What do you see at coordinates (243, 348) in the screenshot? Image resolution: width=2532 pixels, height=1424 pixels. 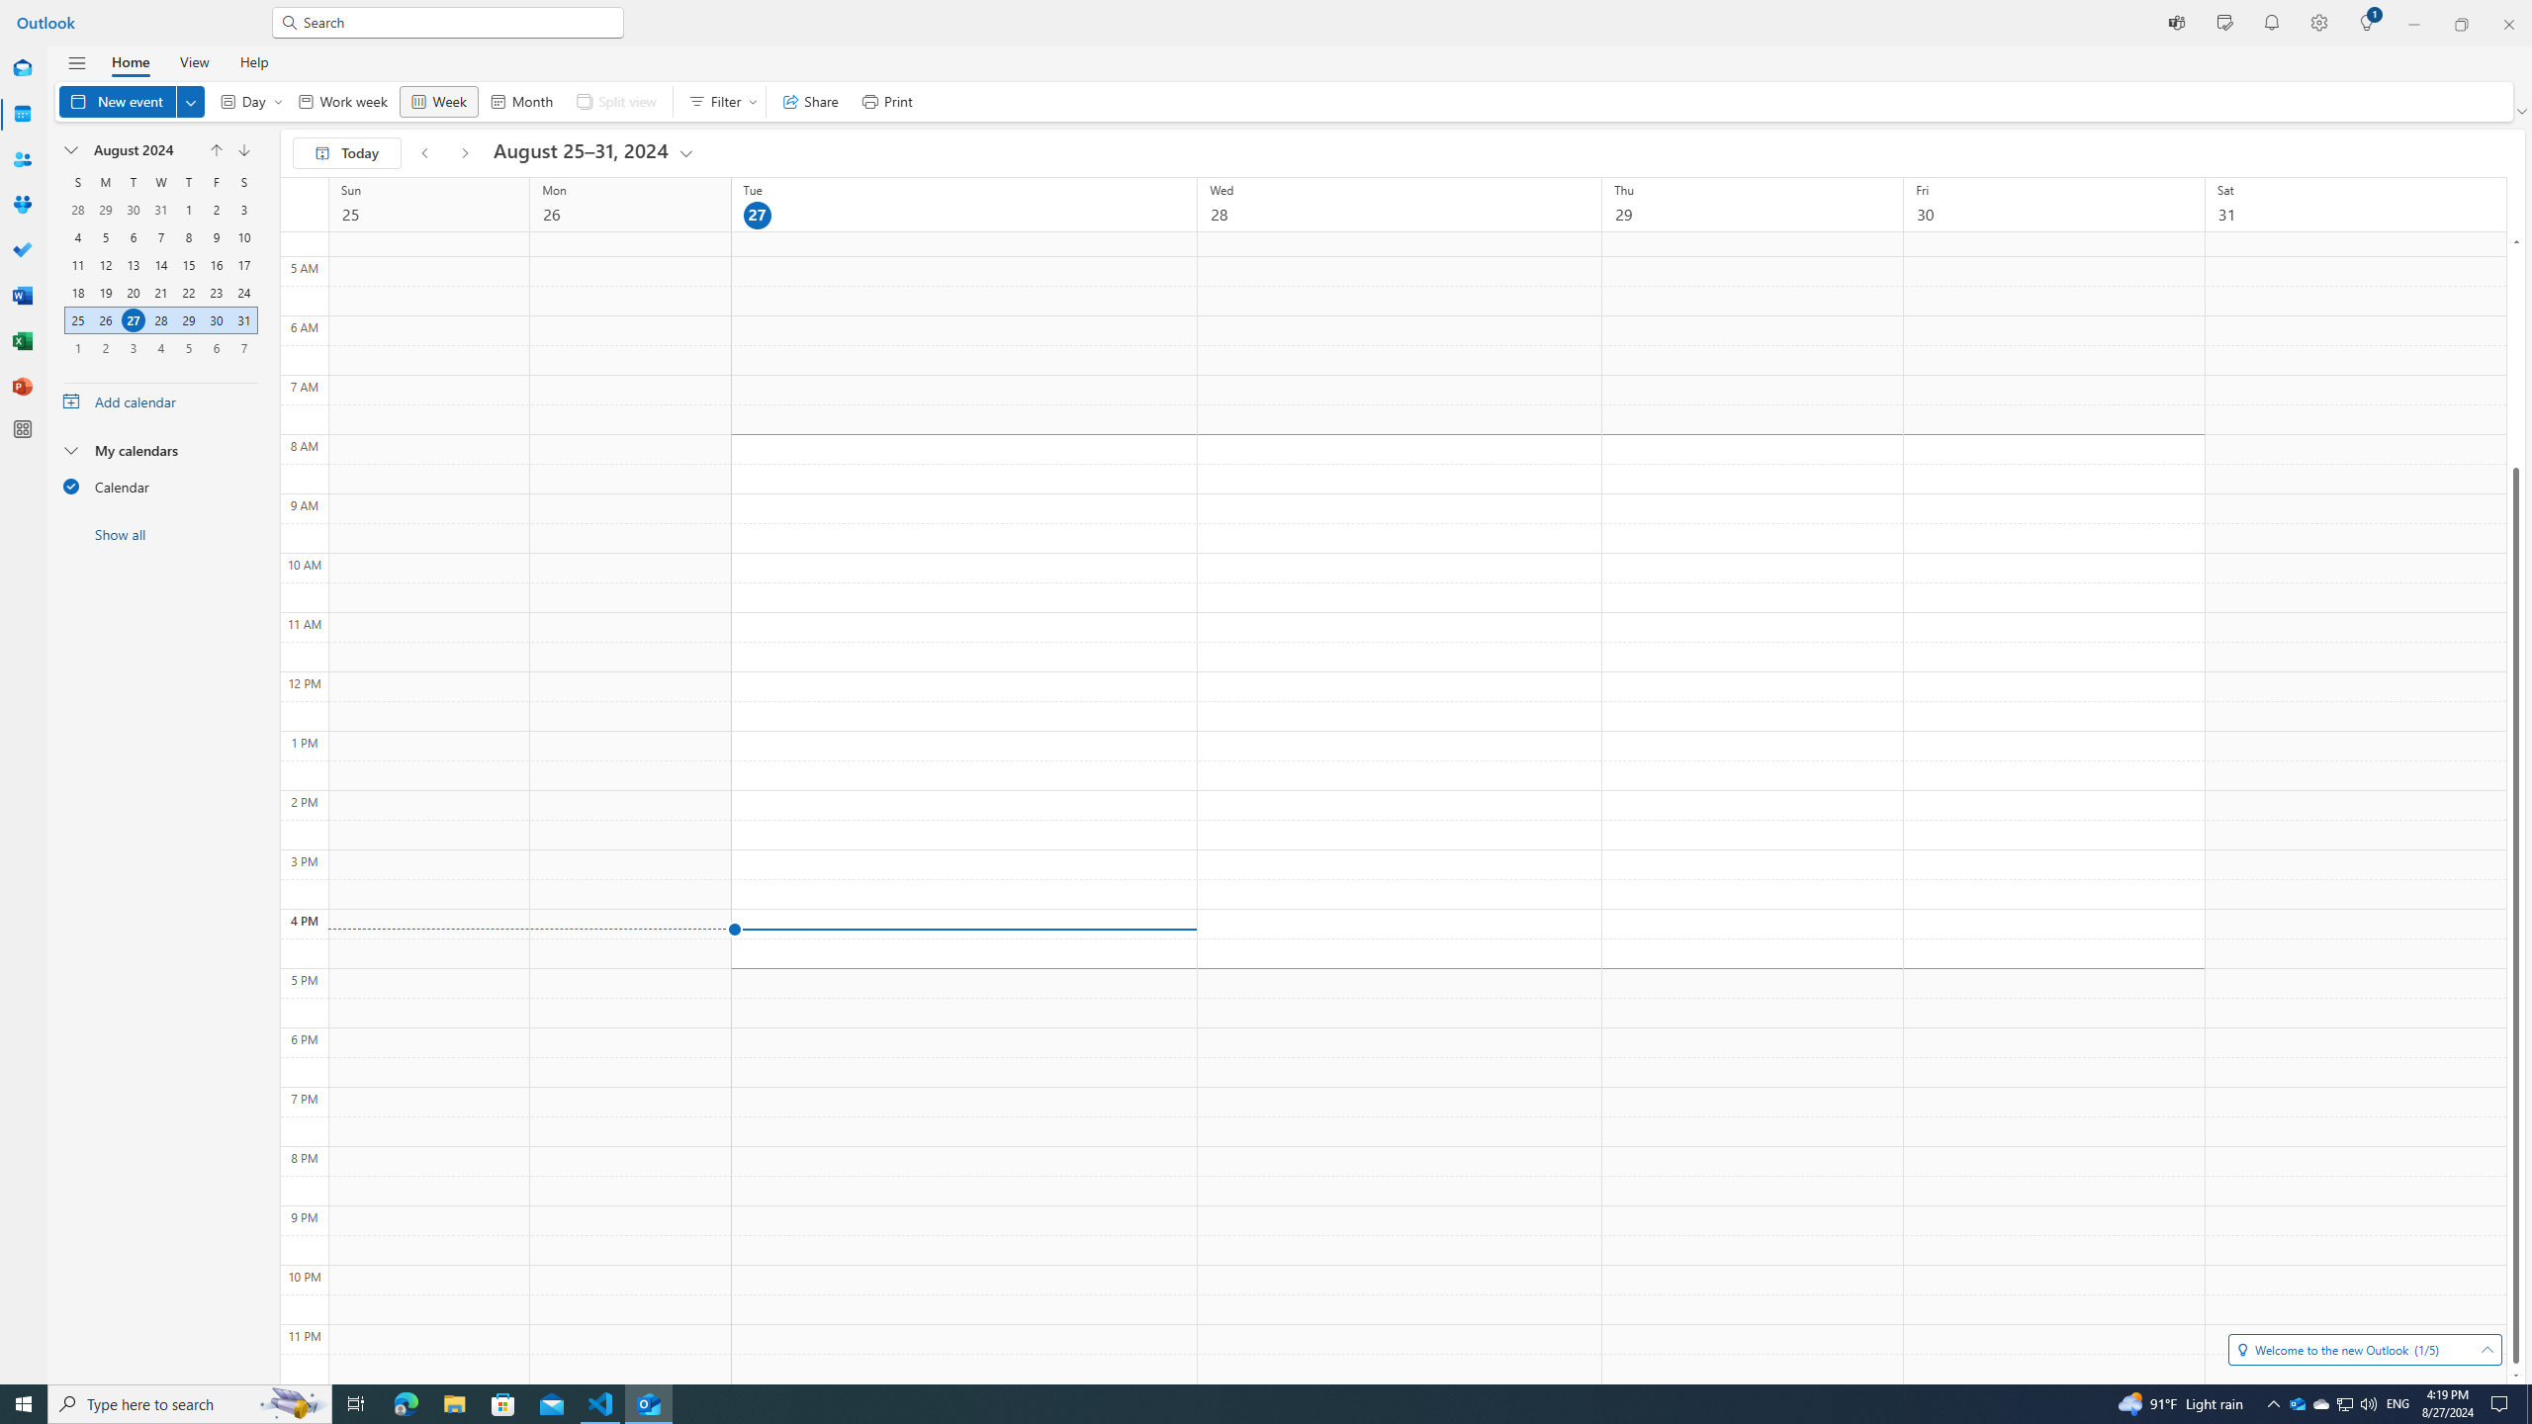 I see `'7, September, 2024'` at bounding box center [243, 348].